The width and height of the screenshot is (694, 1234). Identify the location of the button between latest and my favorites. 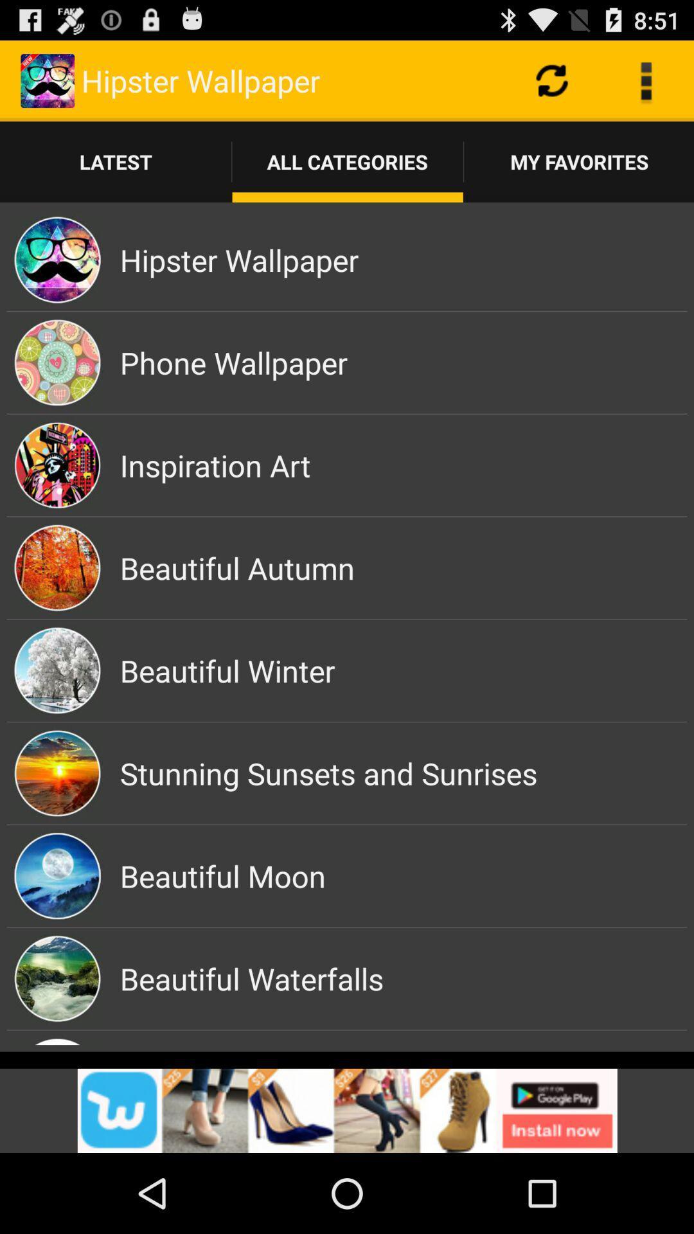
(348, 161).